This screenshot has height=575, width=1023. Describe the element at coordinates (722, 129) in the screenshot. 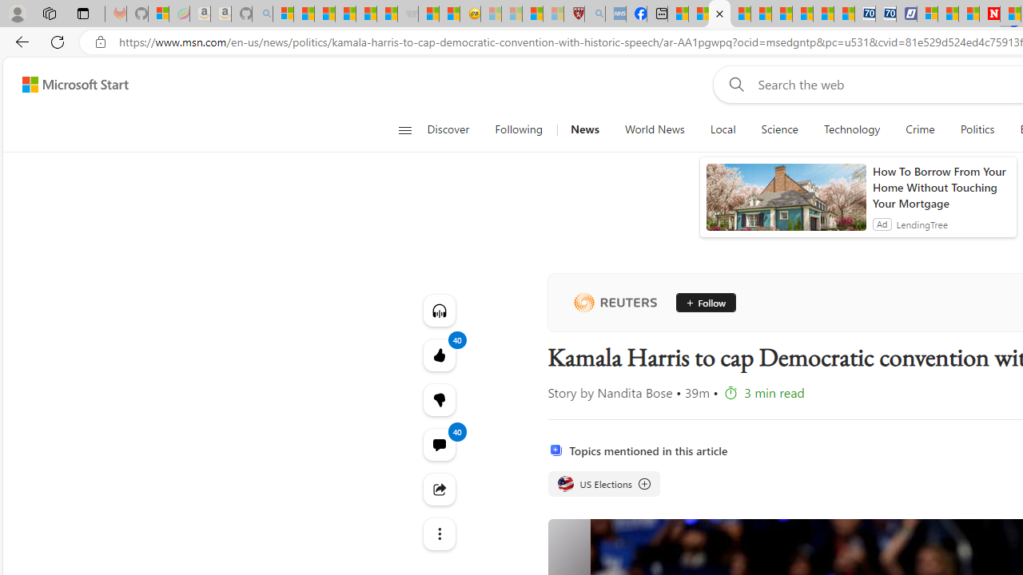

I see `'Local'` at that location.